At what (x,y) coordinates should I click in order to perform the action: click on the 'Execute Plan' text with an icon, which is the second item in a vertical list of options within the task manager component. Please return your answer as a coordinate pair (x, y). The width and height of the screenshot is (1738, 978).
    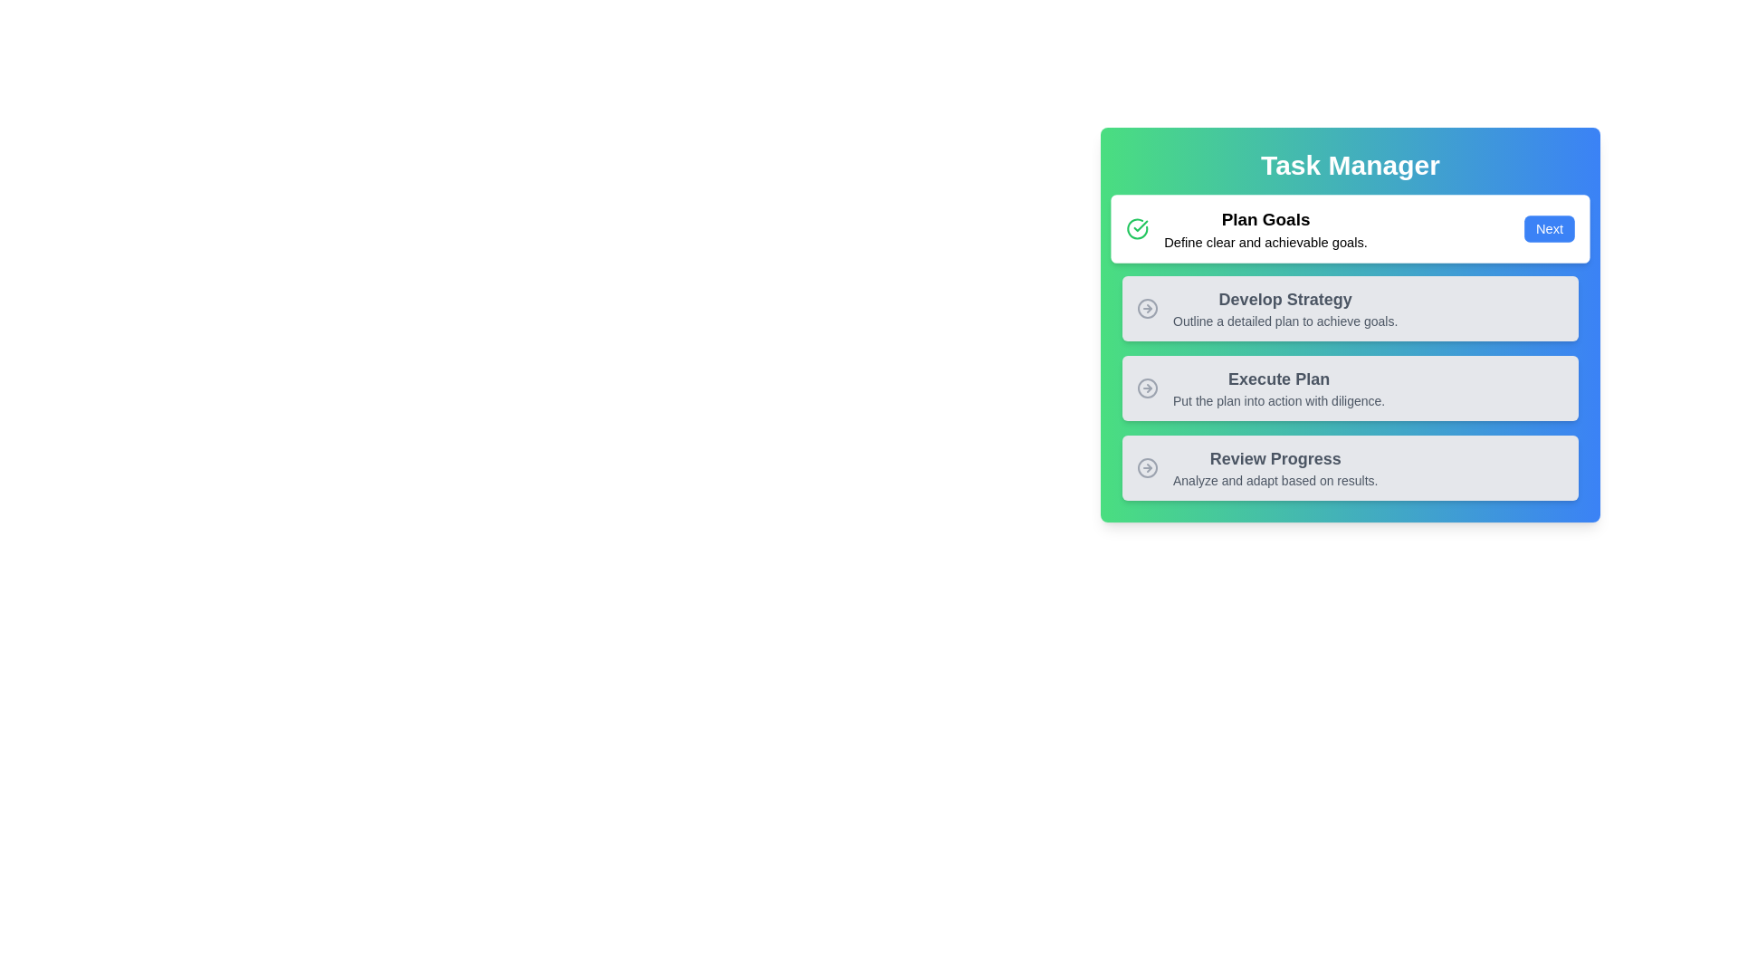
    Looking at the image, I should click on (1260, 387).